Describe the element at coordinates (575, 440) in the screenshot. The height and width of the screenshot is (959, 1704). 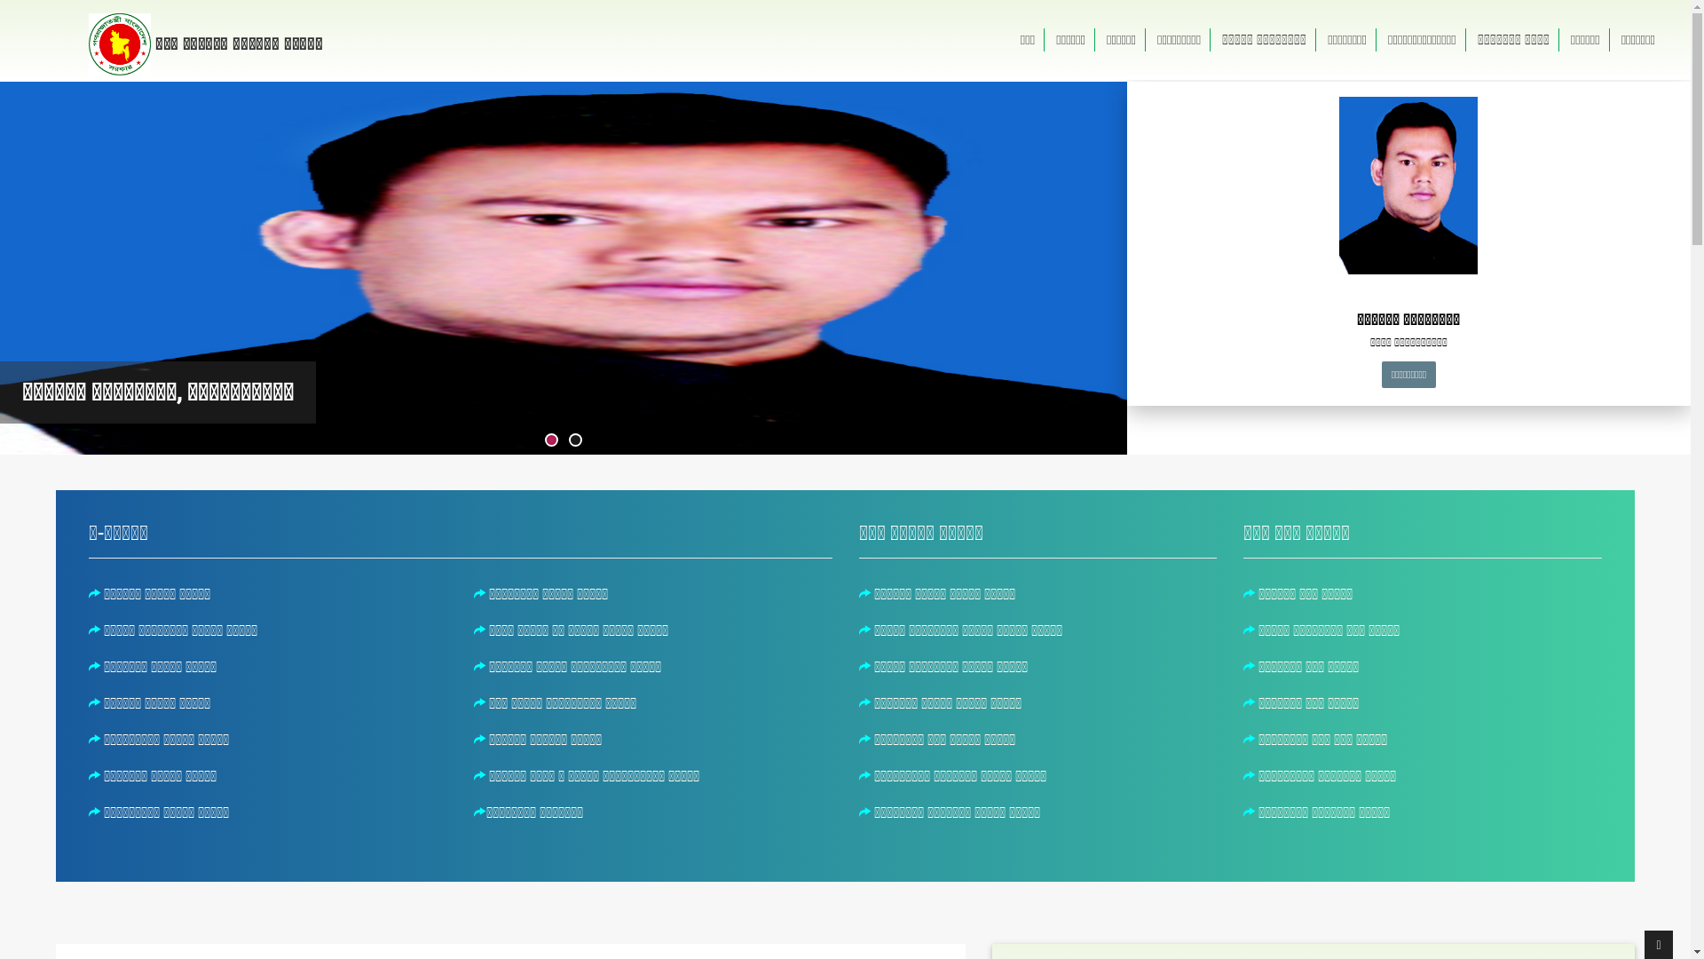
I see `'2'` at that location.